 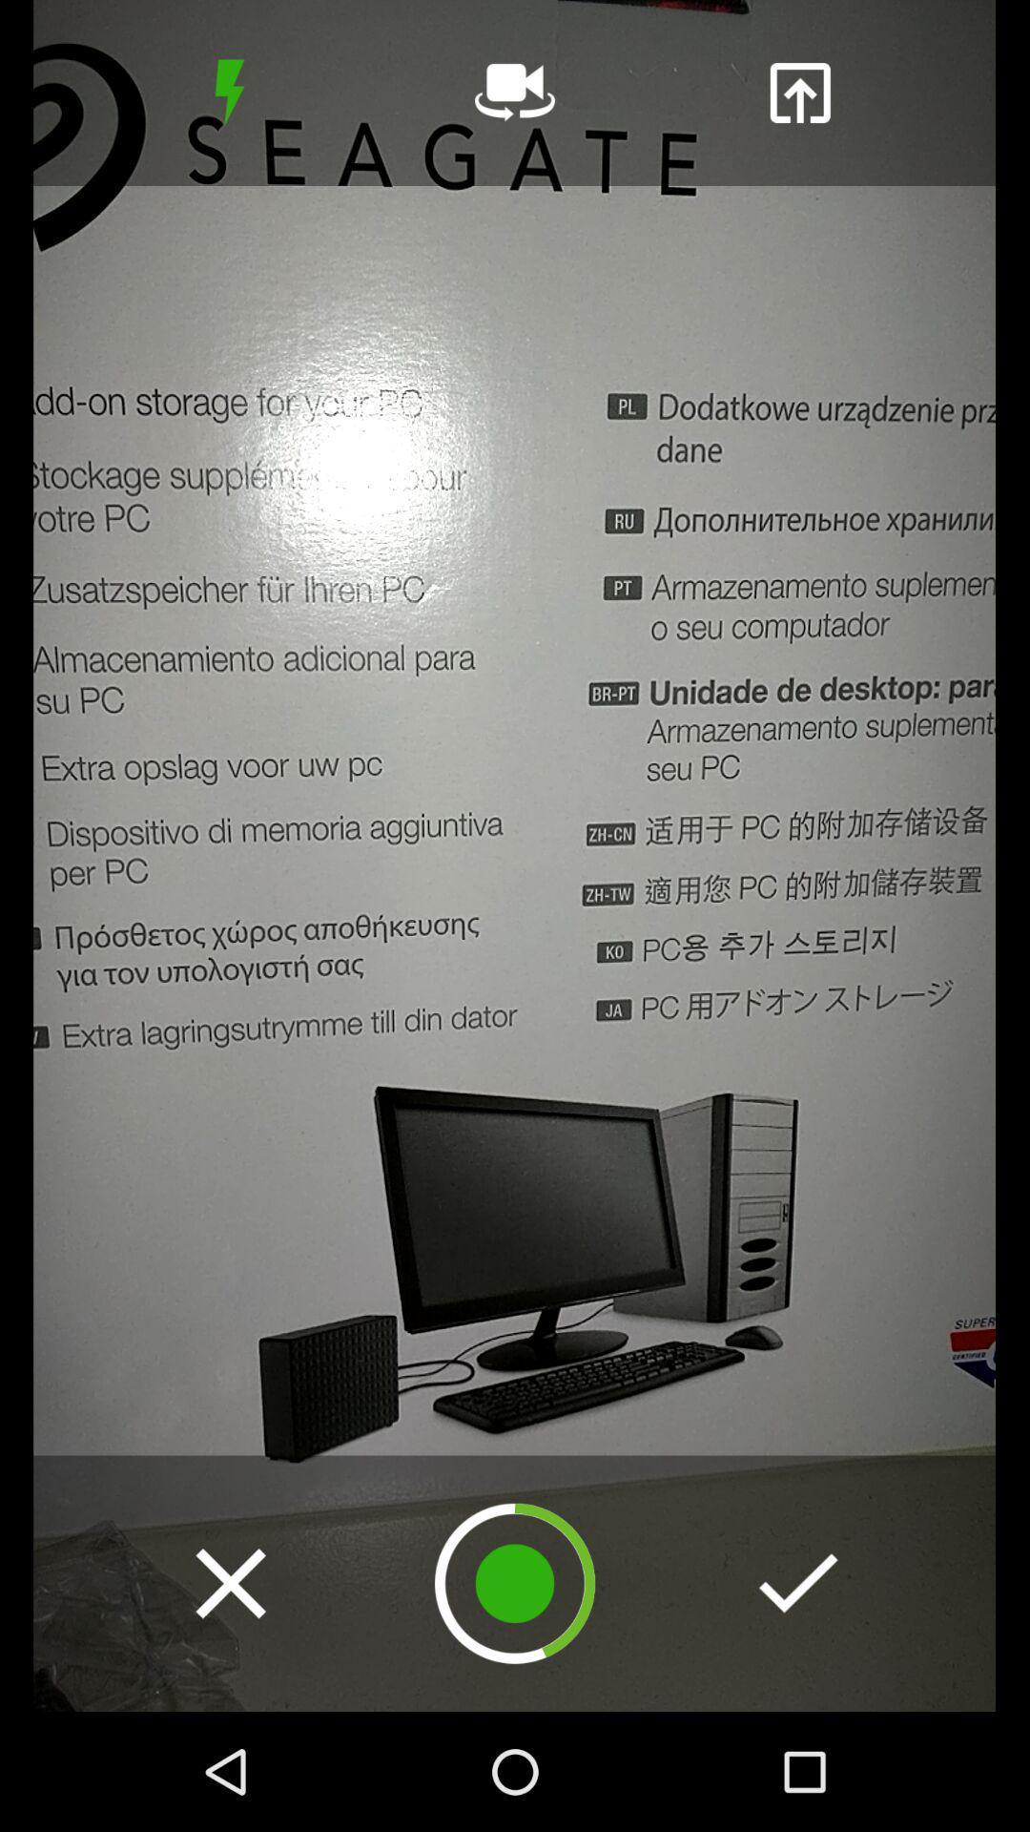 What do you see at coordinates (799, 92) in the screenshot?
I see `share the image` at bounding box center [799, 92].